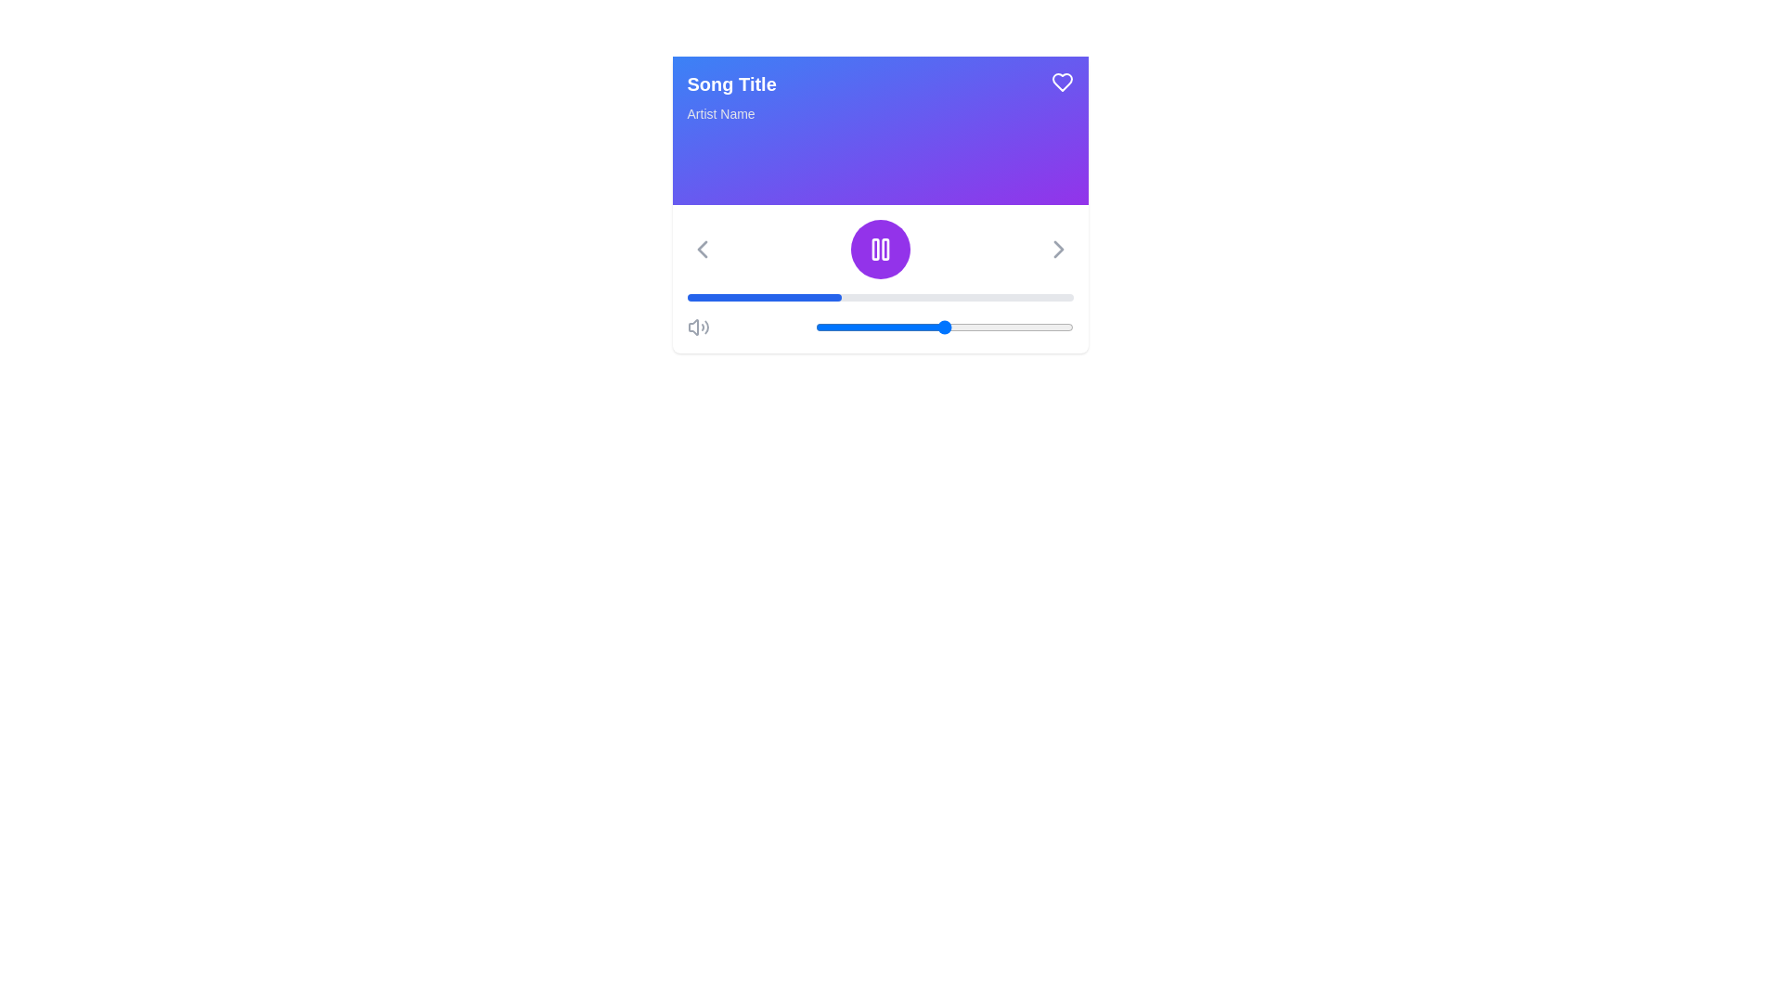 This screenshot has height=1002, width=1782. I want to click on the slider value, so click(822, 327).